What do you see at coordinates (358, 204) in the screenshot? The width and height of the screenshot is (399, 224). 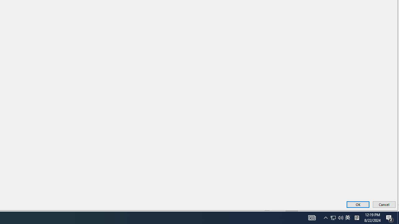 I see `'OK'` at bounding box center [358, 204].